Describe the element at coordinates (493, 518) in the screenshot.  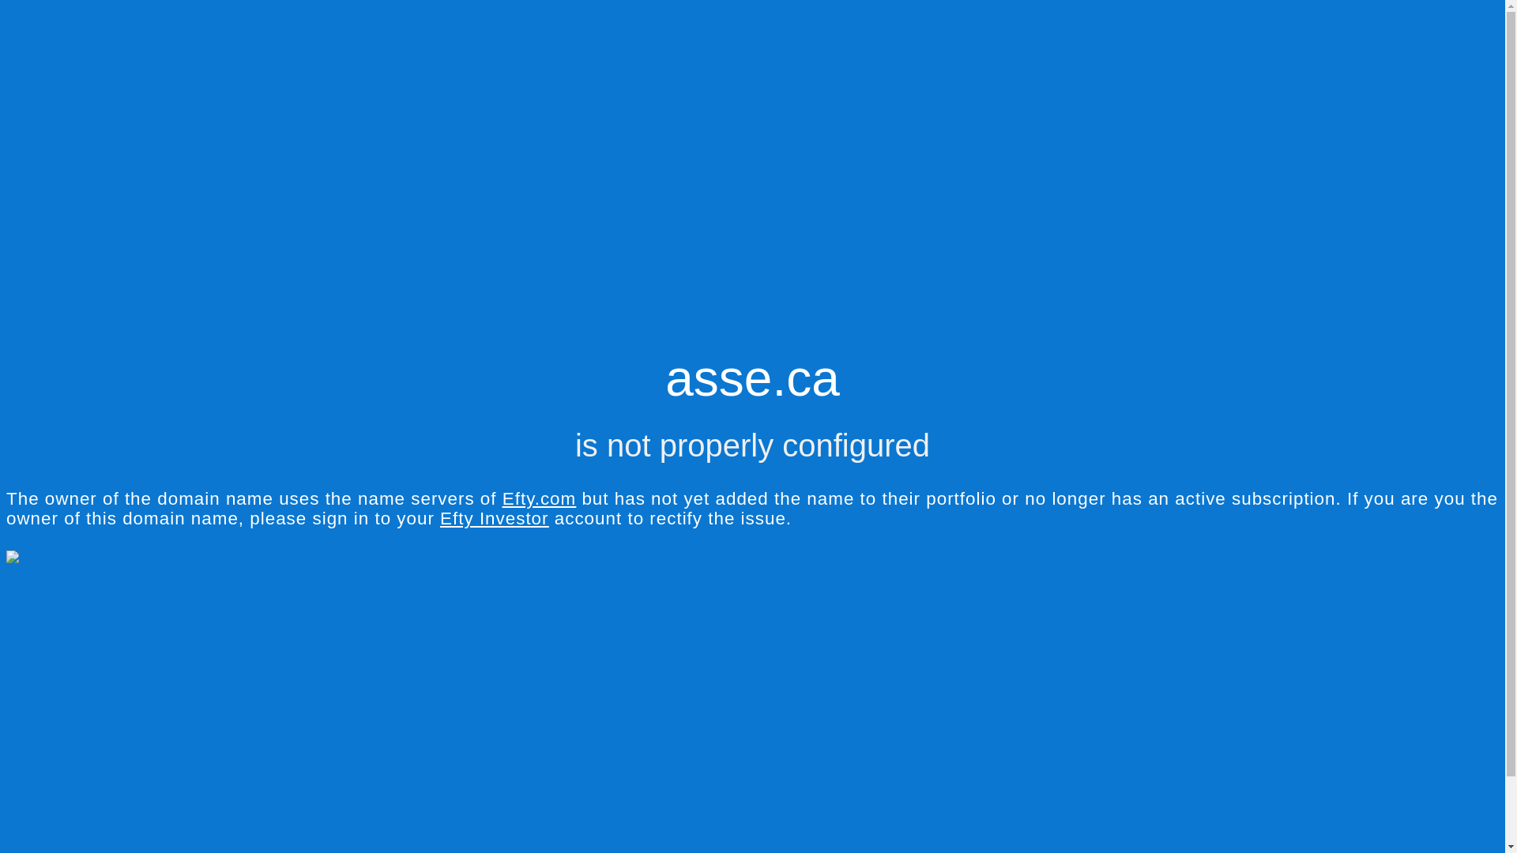
I see `'Efty Investor'` at that location.